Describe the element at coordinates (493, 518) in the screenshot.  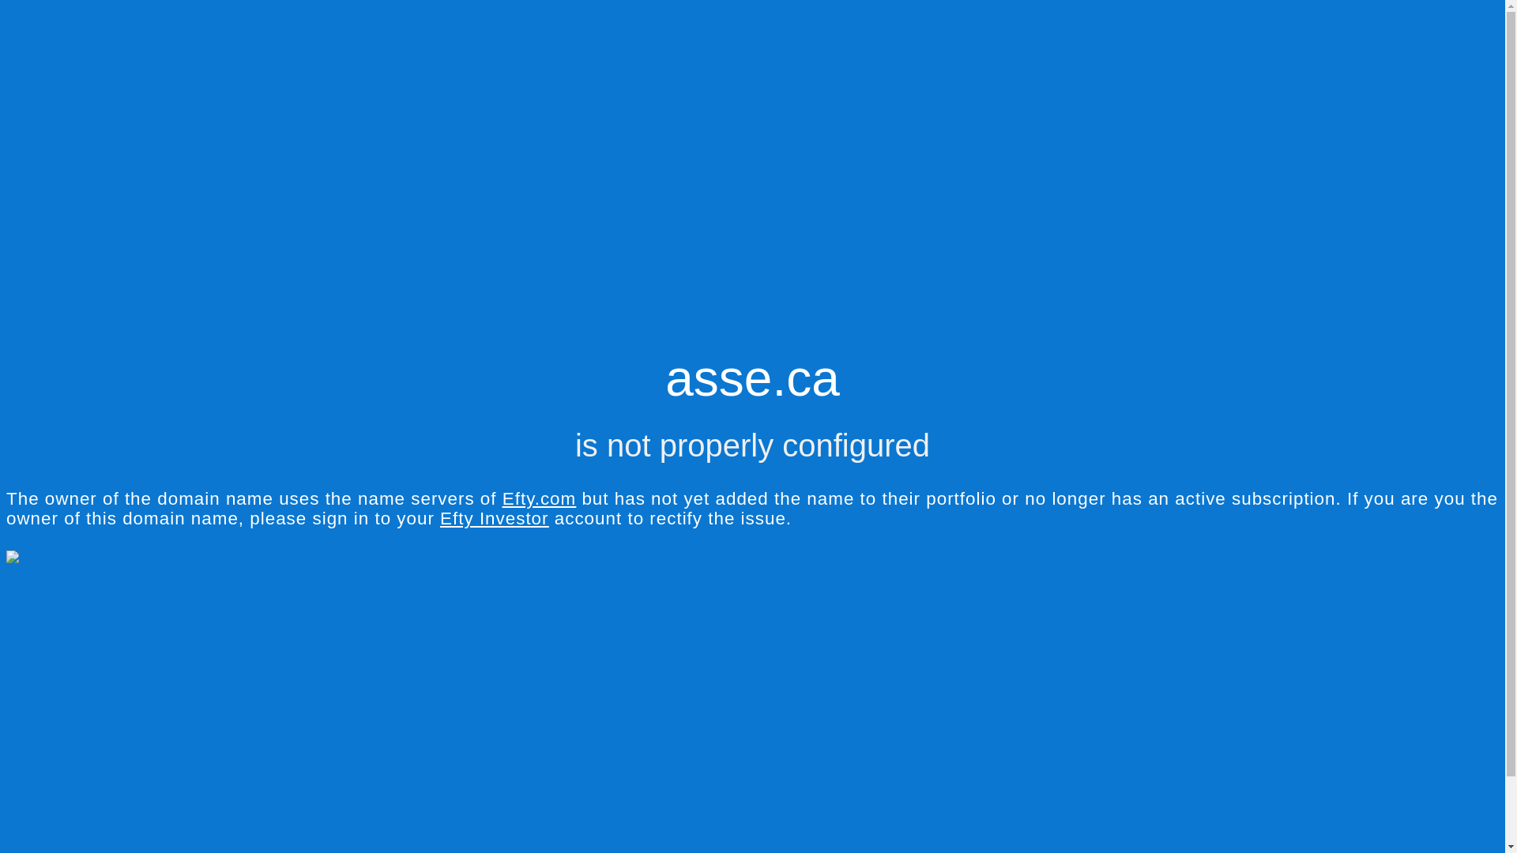
I see `'Efty Investor'` at that location.